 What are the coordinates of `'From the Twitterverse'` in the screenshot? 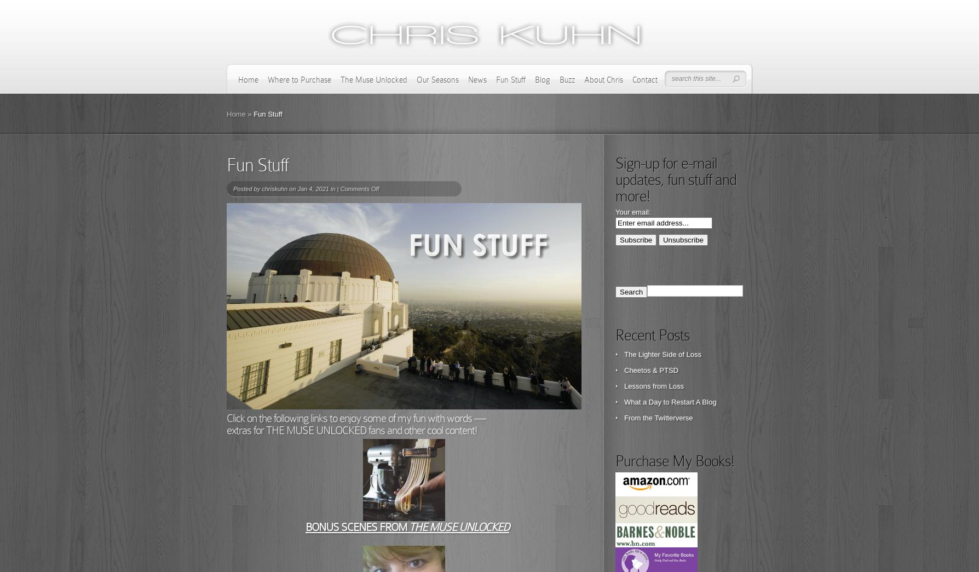 It's located at (658, 418).